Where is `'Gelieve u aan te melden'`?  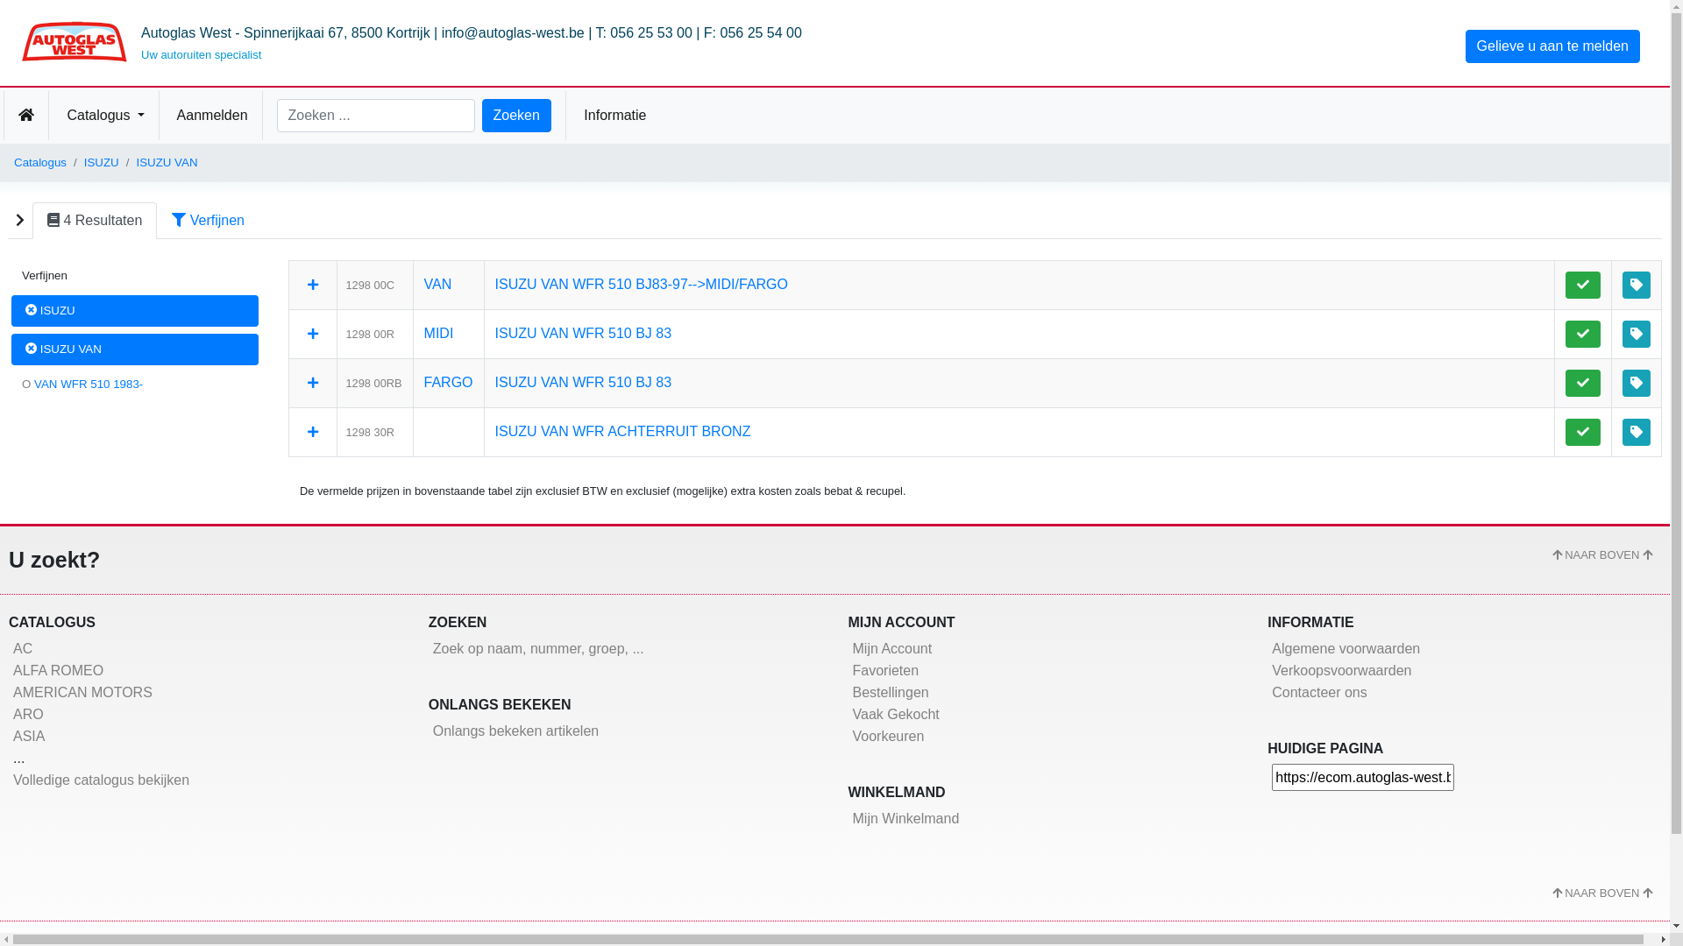
'Gelieve u aan te melden' is located at coordinates (1465, 46).